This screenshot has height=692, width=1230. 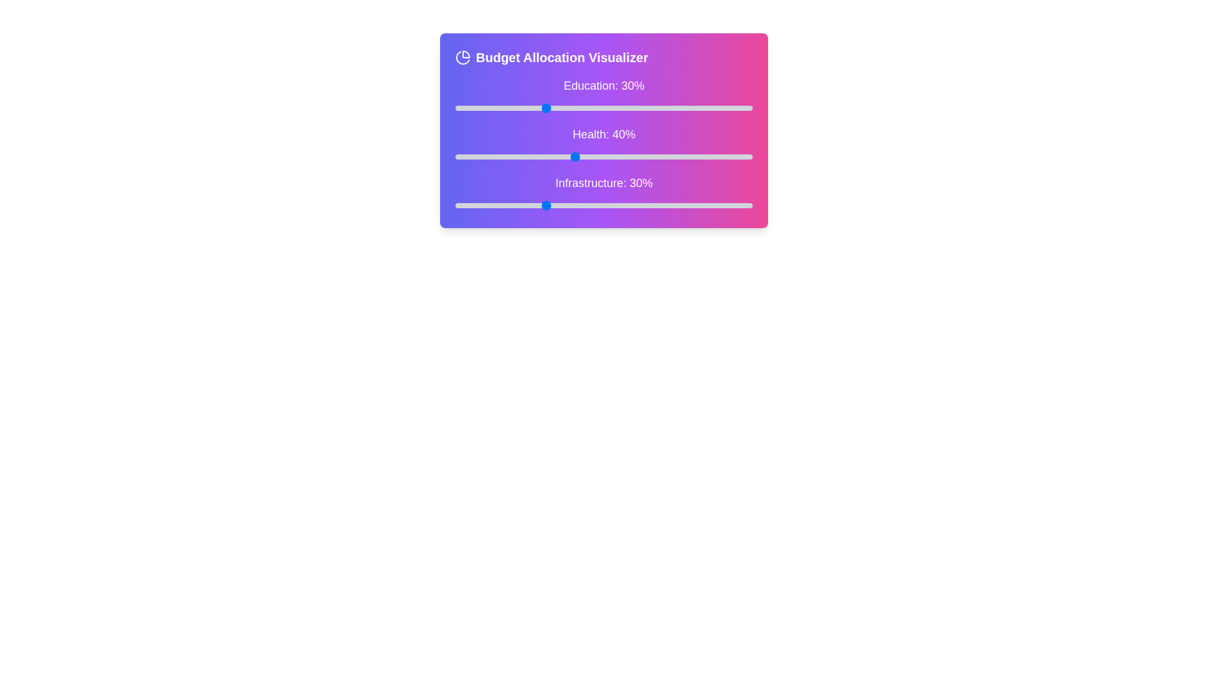 I want to click on the gray track of the Range slider labeled 'Infrastructure: 30%' to set its value, so click(x=603, y=204).